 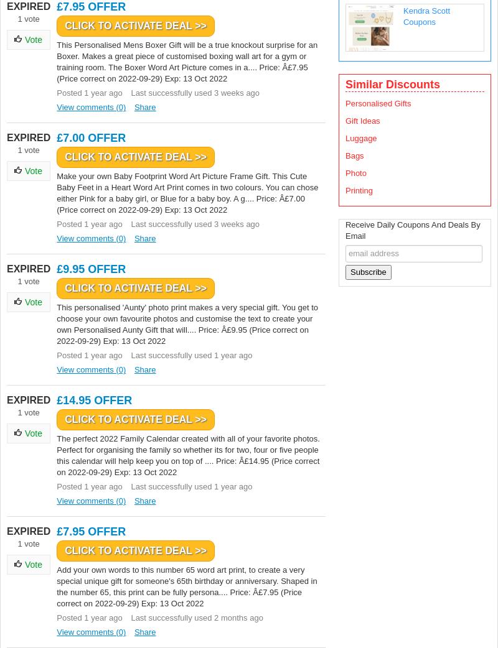 I want to click on 'Photo', so click(x=345, y=173).